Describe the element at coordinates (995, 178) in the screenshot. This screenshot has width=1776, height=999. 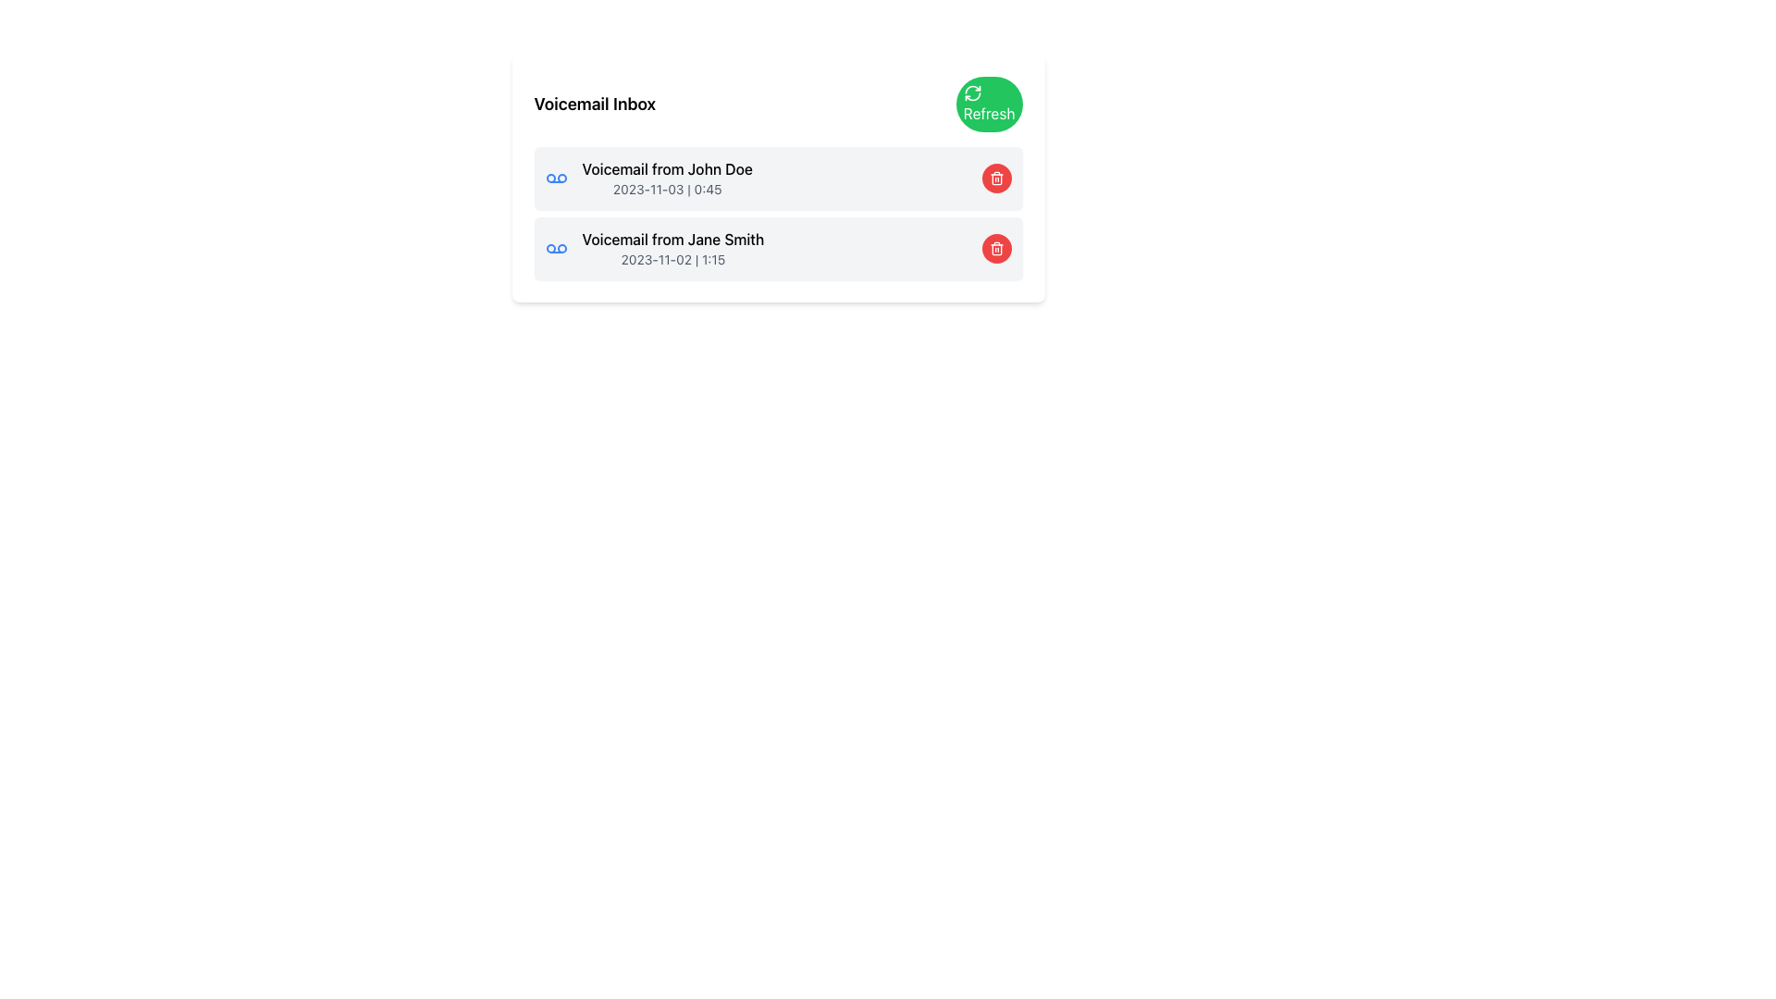
I see `the circular red button with a white trash can icon` at that location.